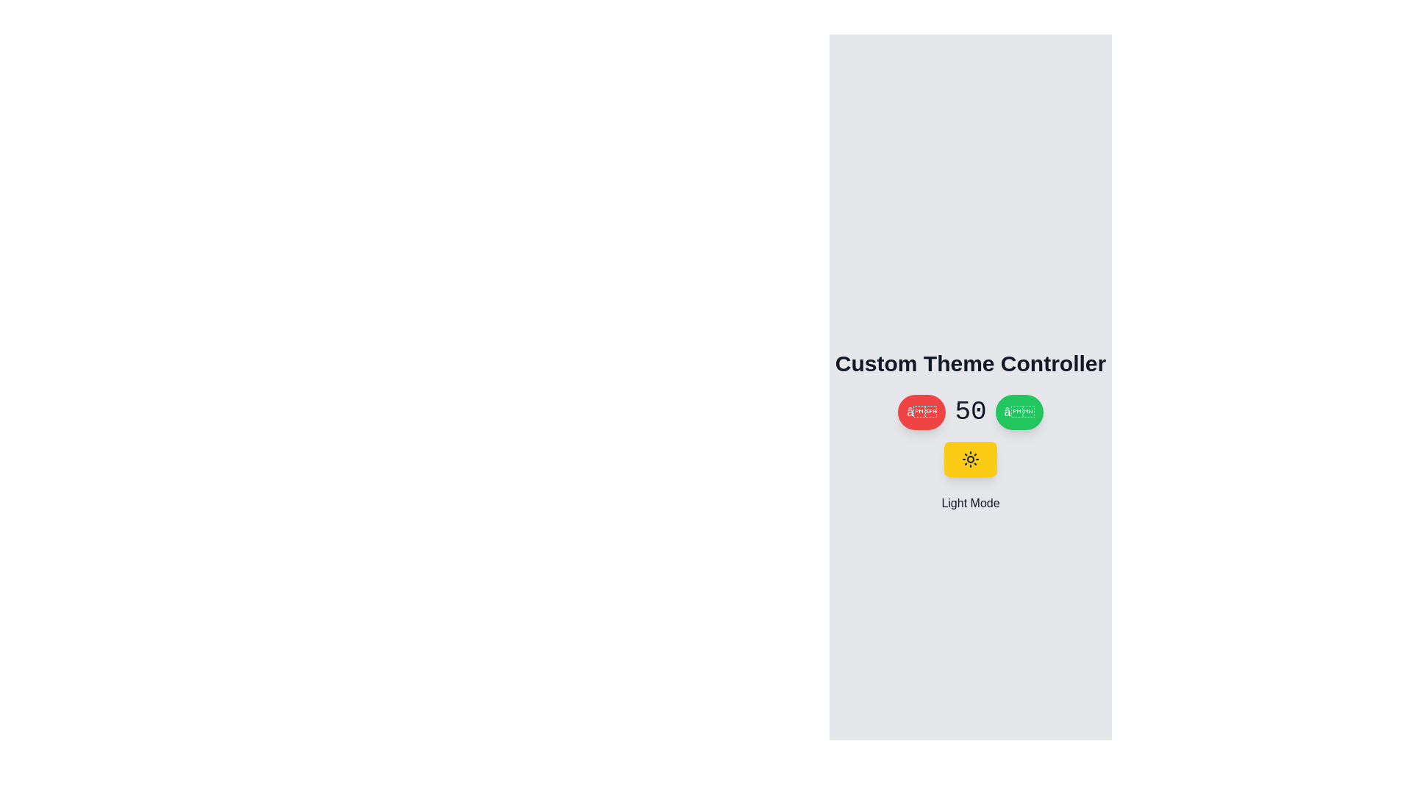 Image resolution: width=1412 pixels, height=794 pixels. What do you see at coordinates (1019, 412) in the screenshot?
I see `the circular green button with a plus symbol ('+')` at bounding box center [1019, 412].